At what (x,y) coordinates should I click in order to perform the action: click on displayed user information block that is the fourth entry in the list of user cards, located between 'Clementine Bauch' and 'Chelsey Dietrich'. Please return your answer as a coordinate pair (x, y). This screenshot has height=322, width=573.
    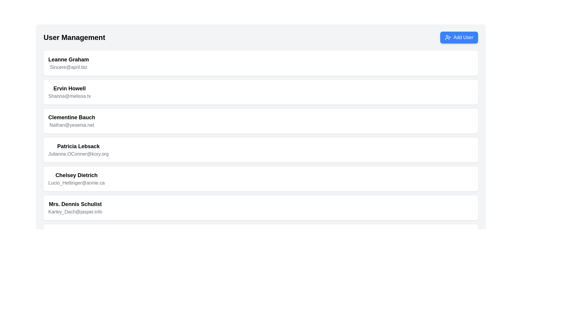
    Looking at the image, I should click on (78, 149).